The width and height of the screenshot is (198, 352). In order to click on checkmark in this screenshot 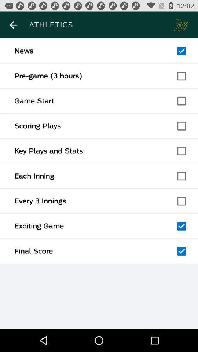, I will do `click(181, 201)`.